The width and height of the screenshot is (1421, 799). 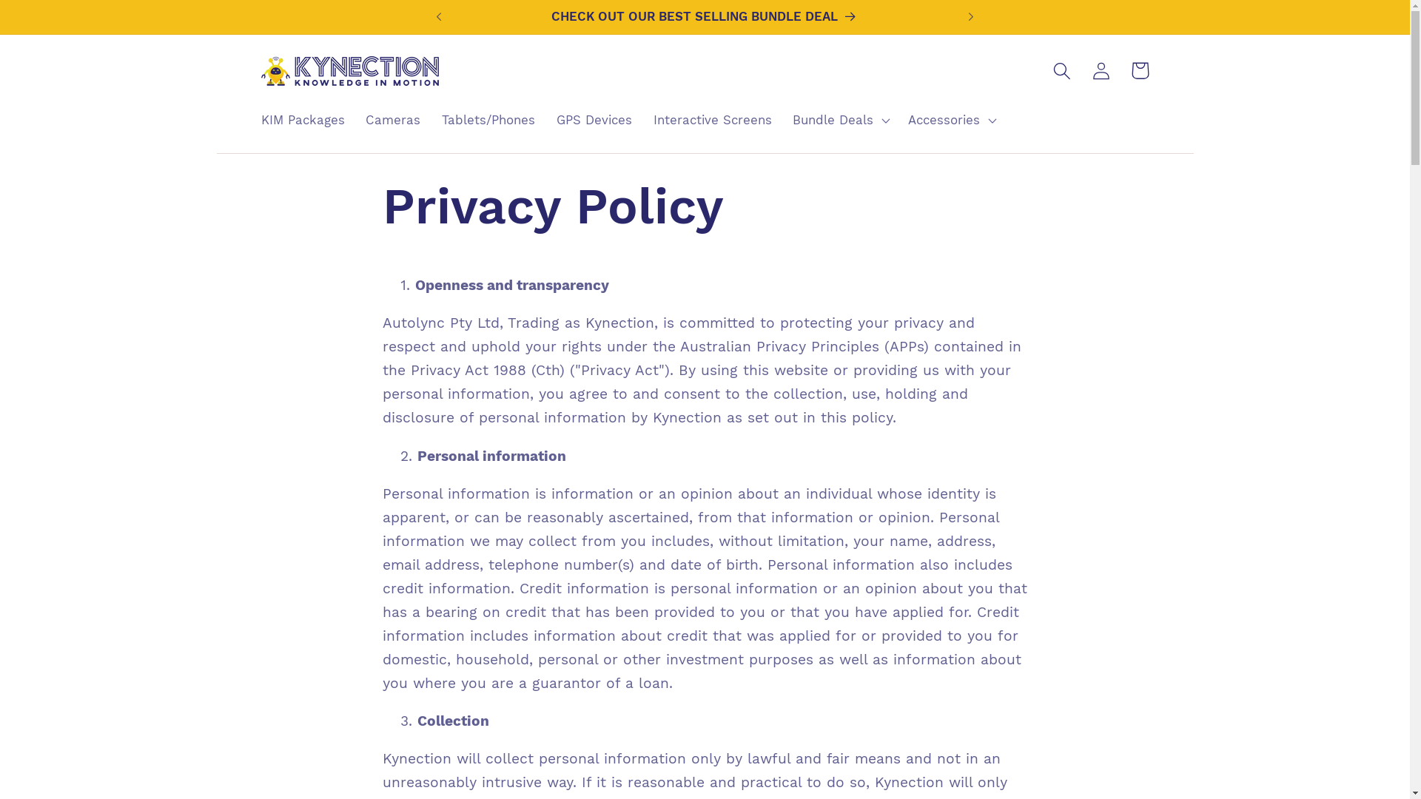 I want to click on 'CHECK OUT OUR BEST SELLING BUNDLE DEAL', so click(x=726, y=17).